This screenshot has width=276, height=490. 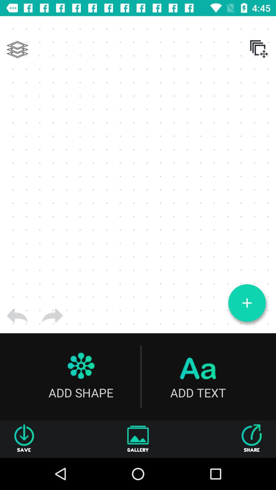 What do you see at coordinates (52, 315) in the screenshot?
I see `go next` at bounding box center [52, 315].